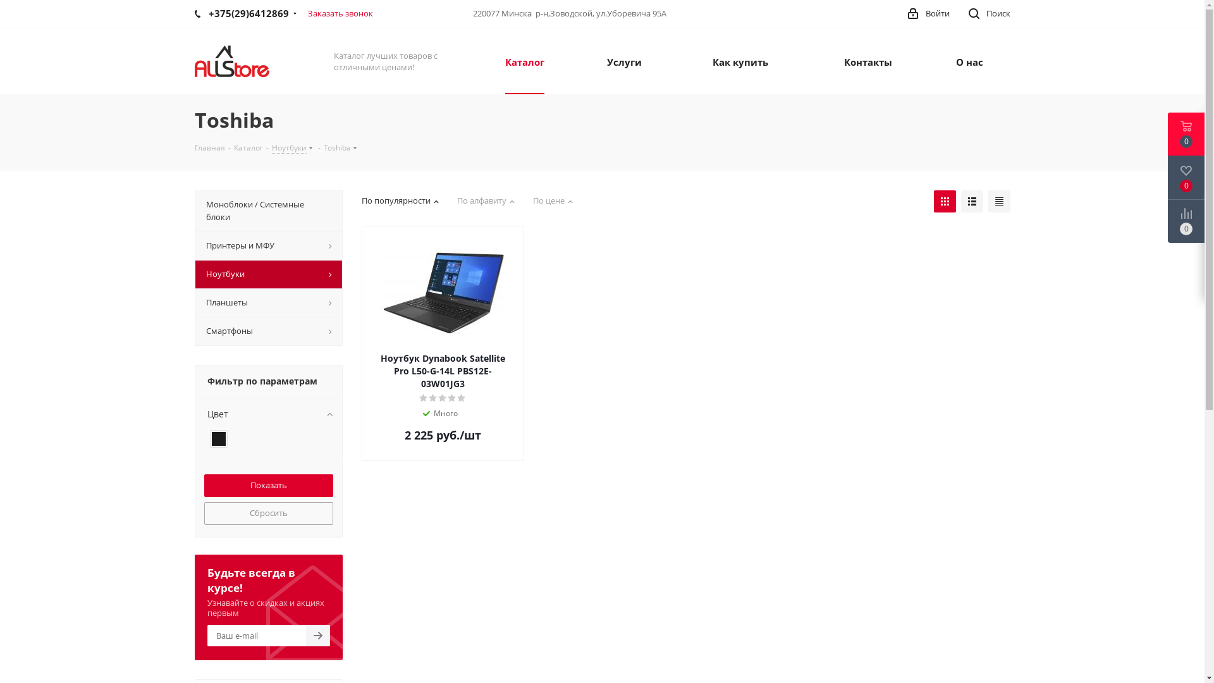 The image size is (1214, 683). What do you see at coordinates (424, 397) in the screenshot?
I see `'1'` at bounding box center [424, 397].